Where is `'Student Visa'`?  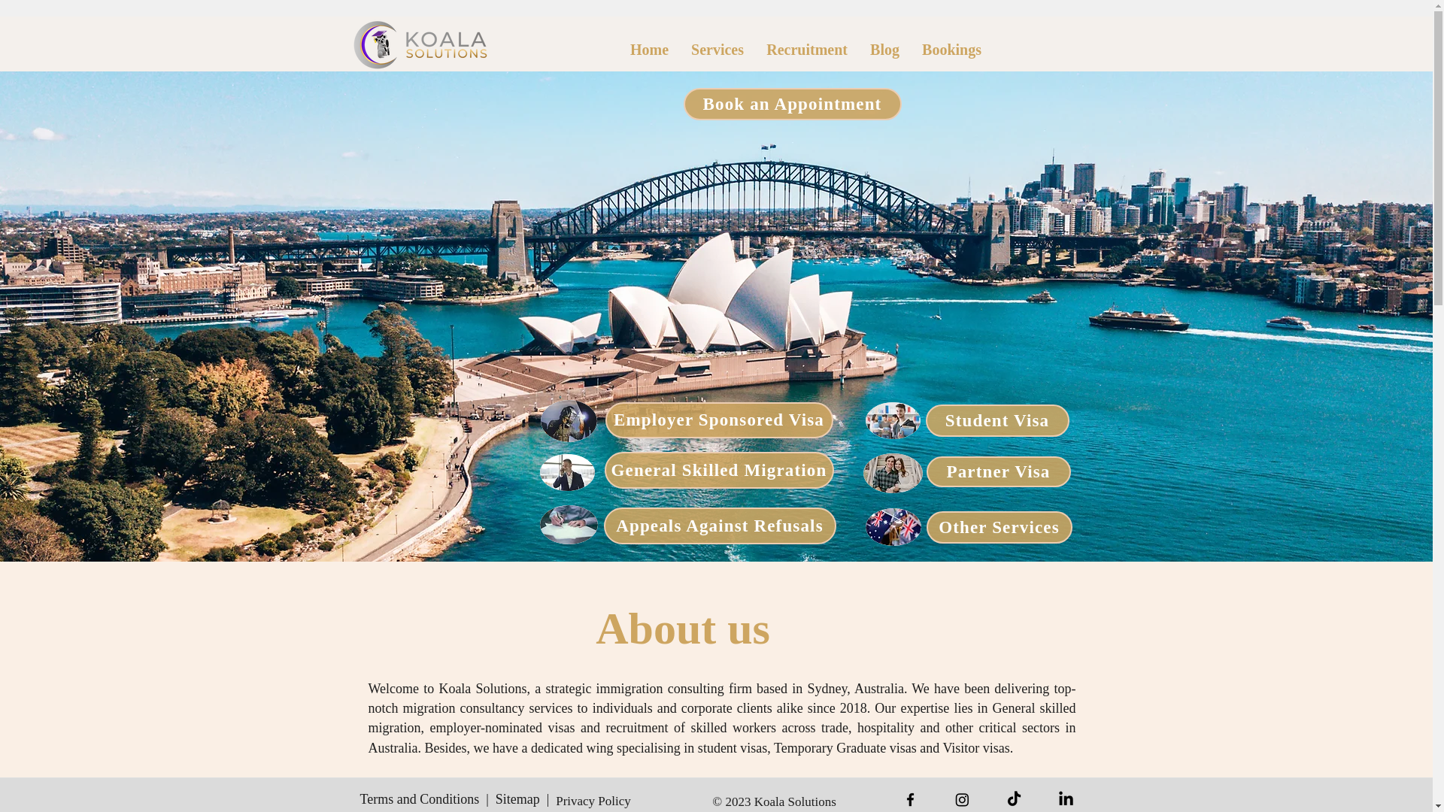
'Student Visa' is located at coordinates (997, 420).